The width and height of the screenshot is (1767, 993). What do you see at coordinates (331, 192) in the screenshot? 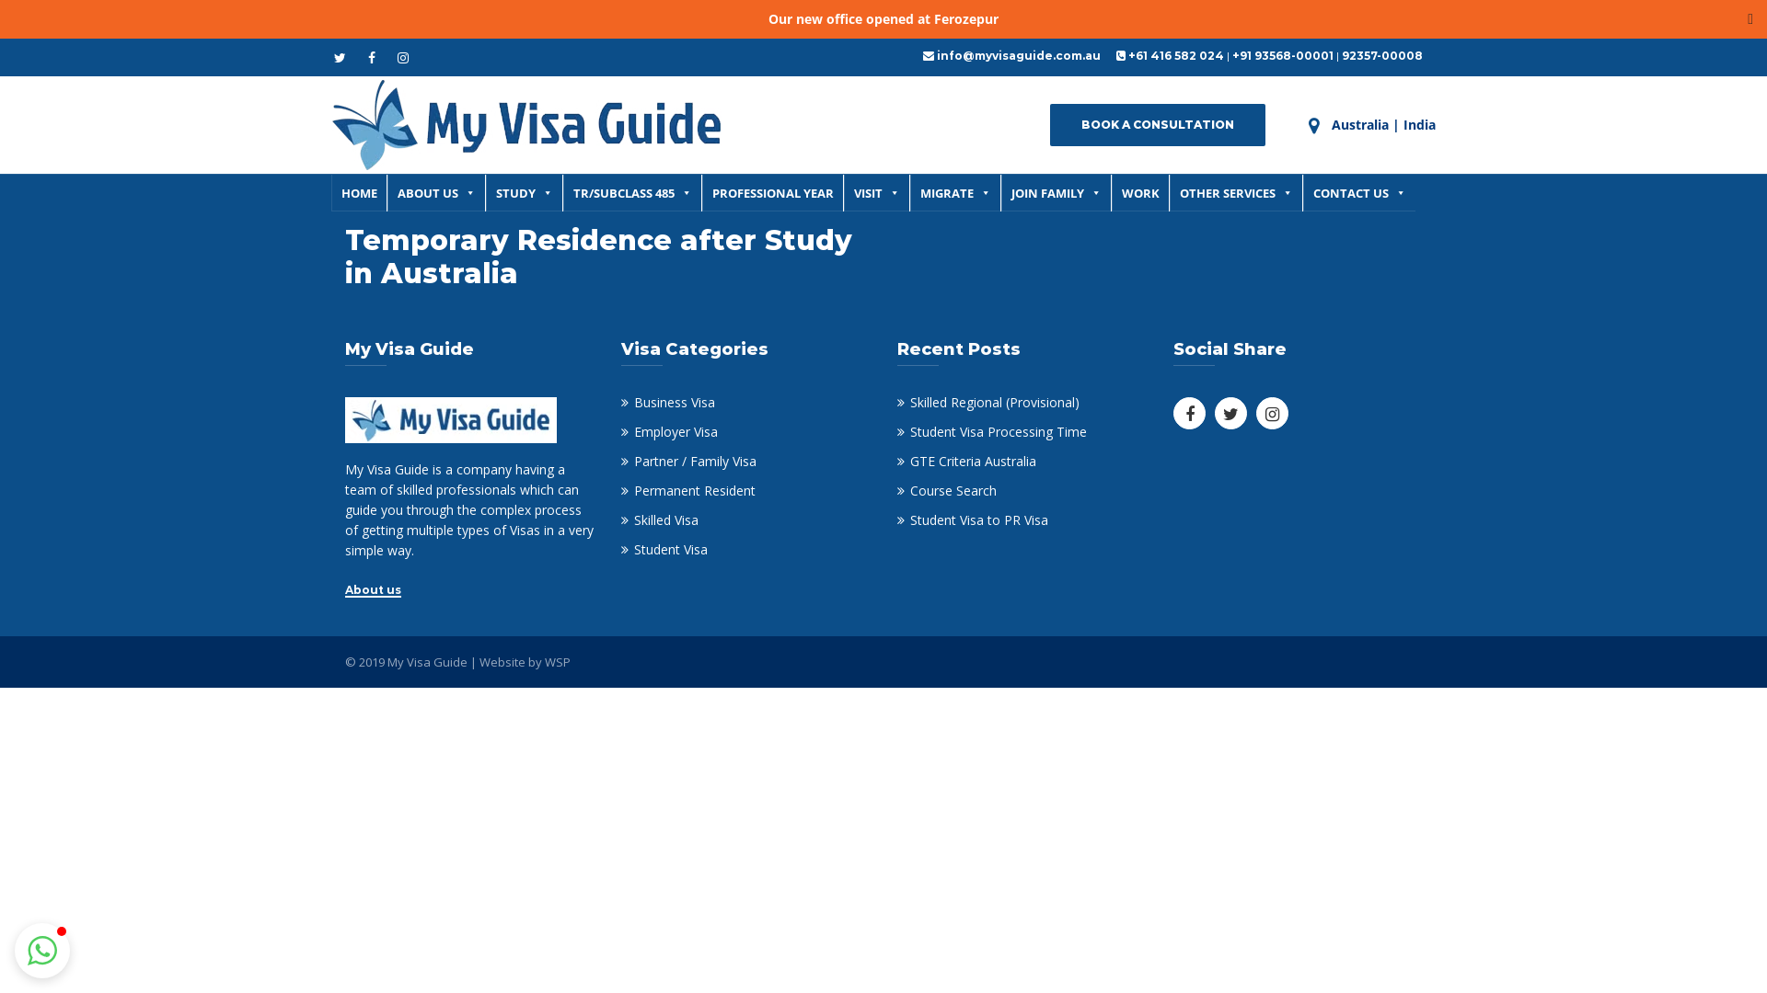
I see `'HOME'` at bounding box center [331, 192].